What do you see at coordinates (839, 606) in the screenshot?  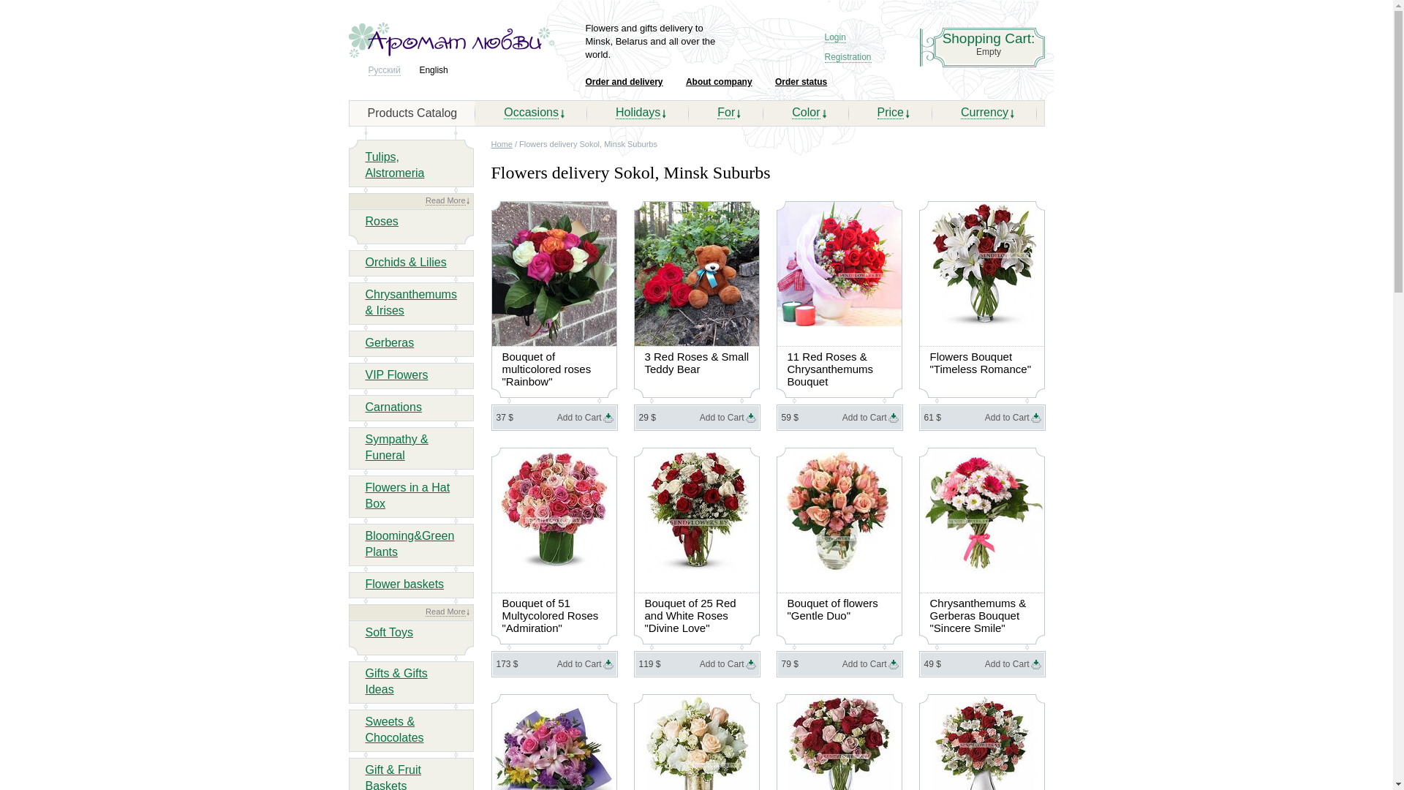 I see `'Bouquet of flowers "Gentle Duo"'` at bounding box center [839, 606].